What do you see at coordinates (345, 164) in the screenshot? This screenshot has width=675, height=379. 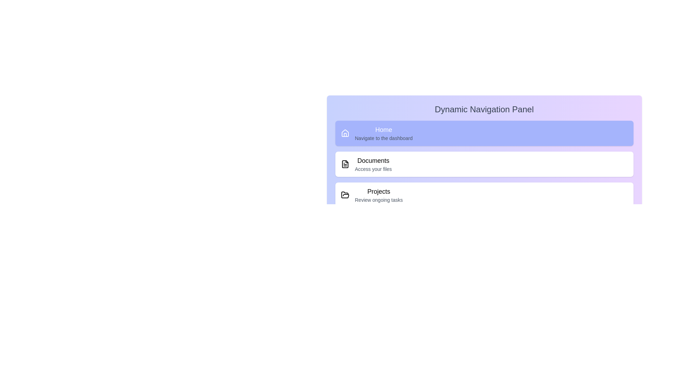 I see `the icon corresponding to Documents` at bounding box center [345, 164].